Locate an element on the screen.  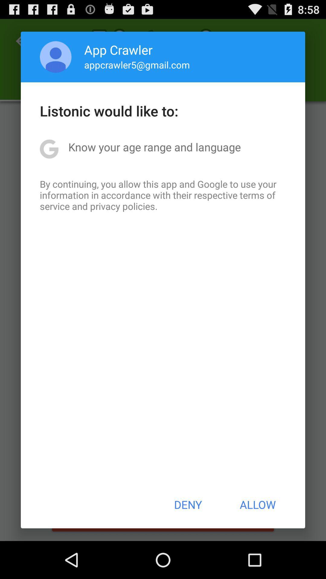
the icon above by continuing you item is located at coordinates (154, 147).